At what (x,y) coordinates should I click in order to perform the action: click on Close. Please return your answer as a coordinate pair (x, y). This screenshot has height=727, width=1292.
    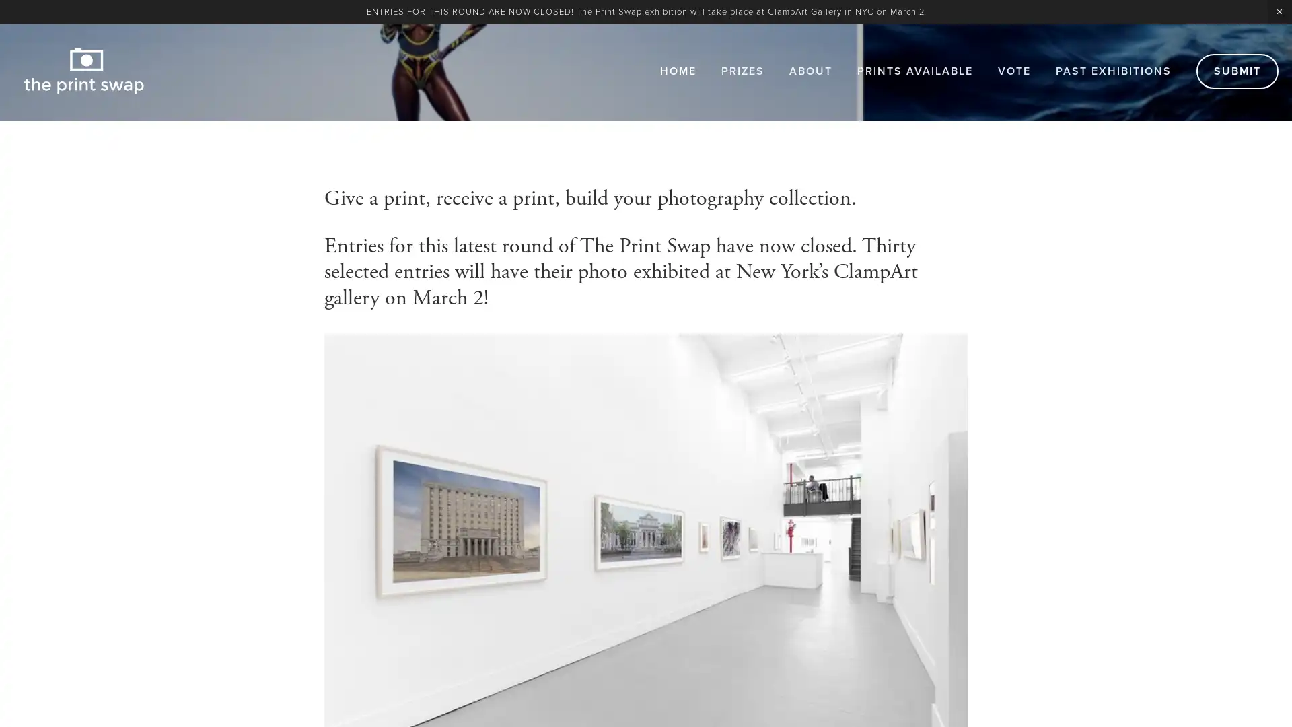
    Looking at the image, I should click on (838, 211).